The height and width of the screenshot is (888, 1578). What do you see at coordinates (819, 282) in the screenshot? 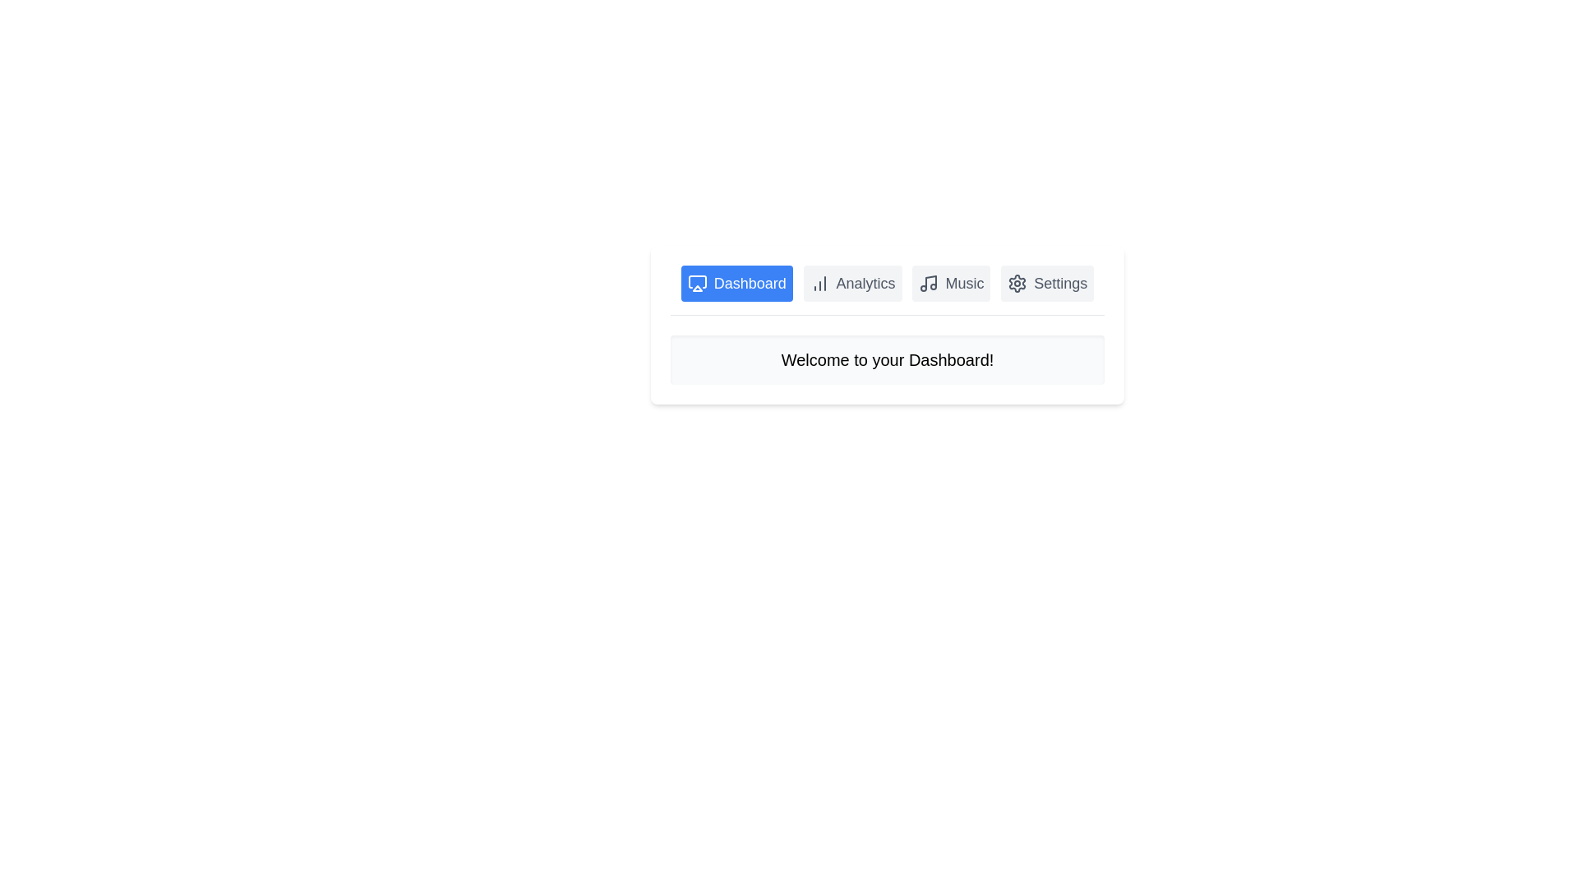
I see `the bar chart icon that is located to the immediate left of the 'Analytics' text label in the upper center portion of the interface` at bounding box center [819, 282].